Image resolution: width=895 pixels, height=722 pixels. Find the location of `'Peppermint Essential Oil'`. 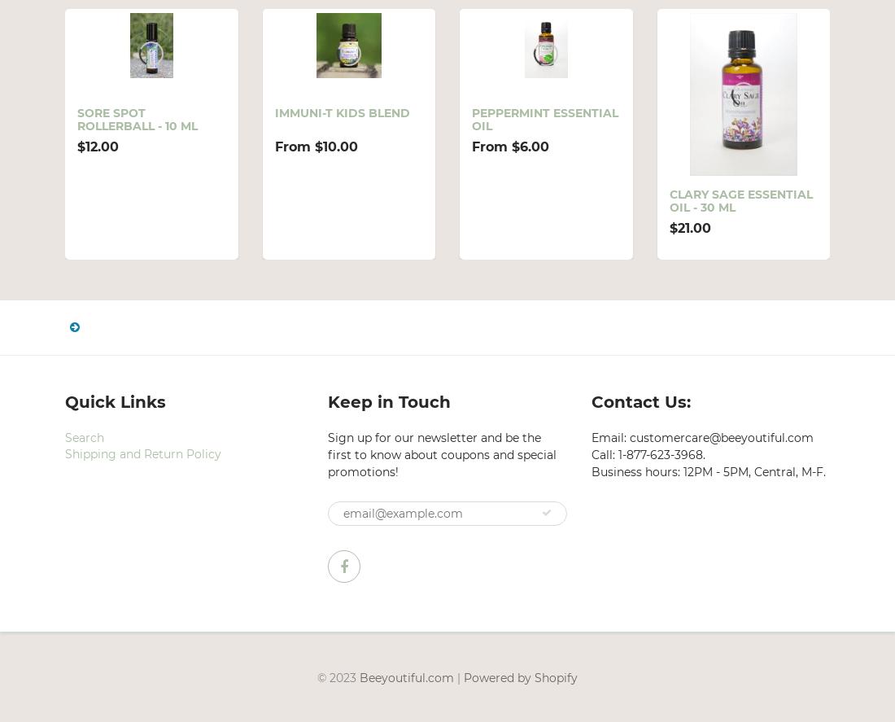

'Peppermint Essential Oil' is located at coordinates (545, 119).